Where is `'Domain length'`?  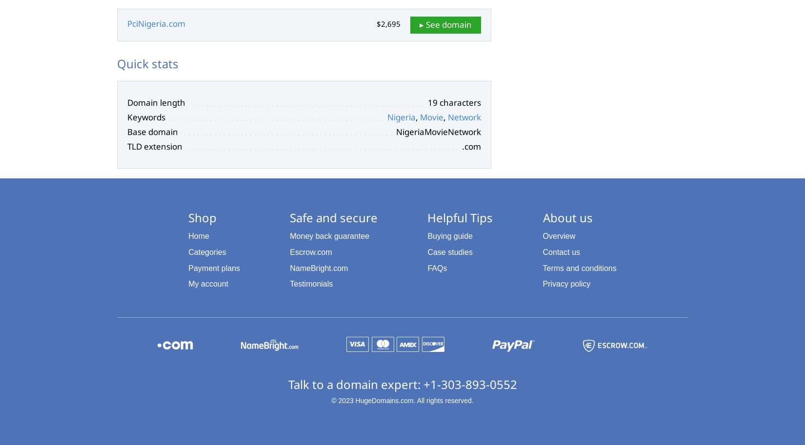 'Domain length' is located at coordinates (156, 102).